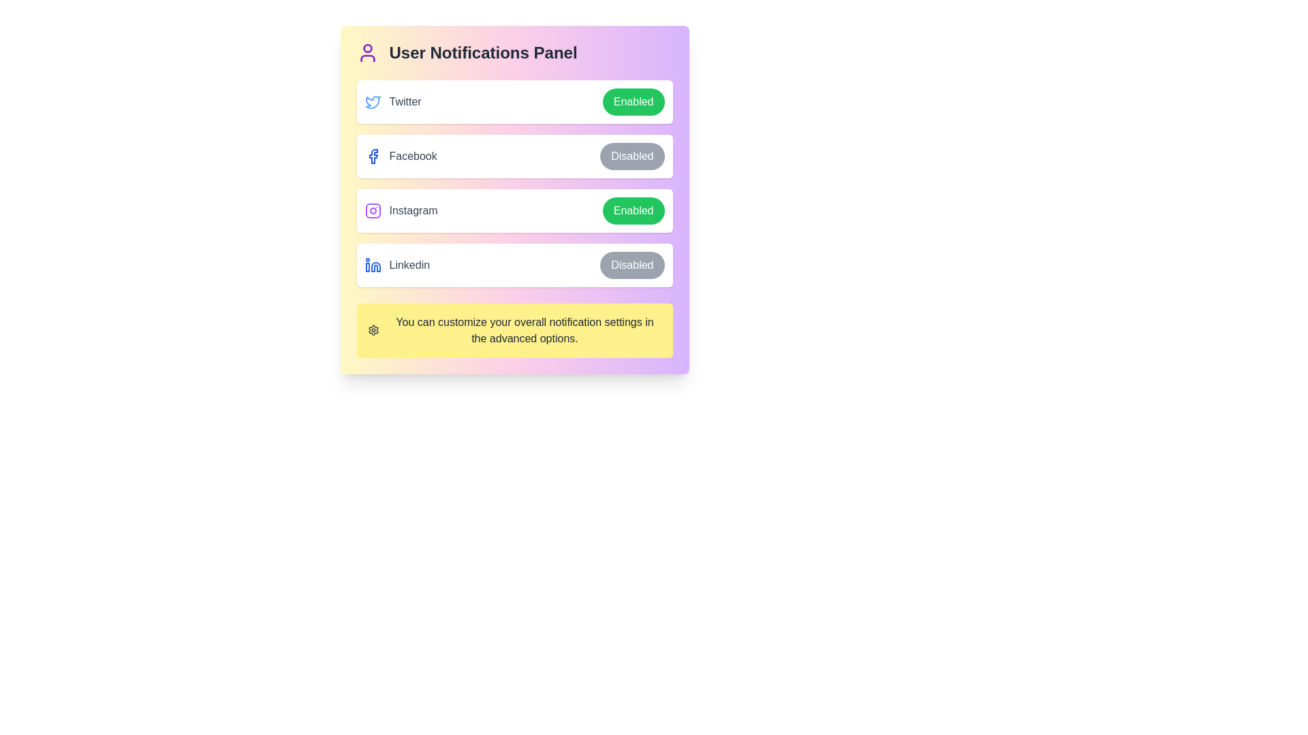 The width and height of the screenshot is (1308, 735). I want to click on the text header labeled 'User Notifications Panel', which is styled in bold with a large font size and dark gray color, located in the upper section of the interface, so click(483, 52).